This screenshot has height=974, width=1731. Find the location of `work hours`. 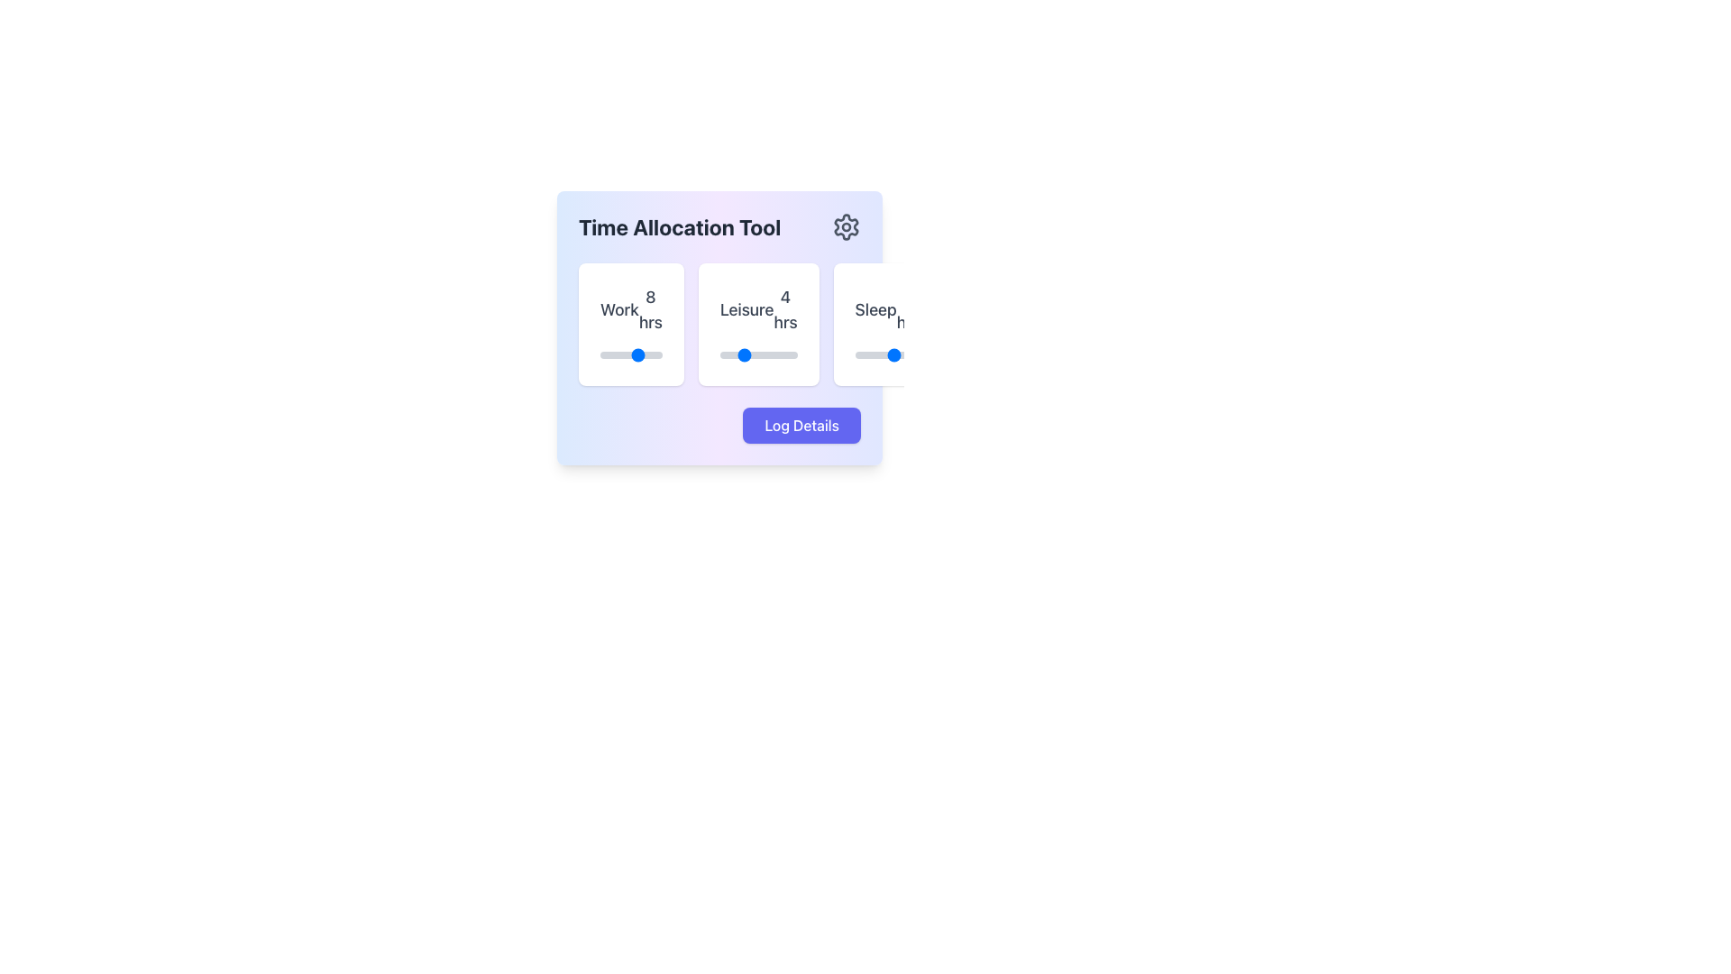

work hours is located at coordinates (650, 354).